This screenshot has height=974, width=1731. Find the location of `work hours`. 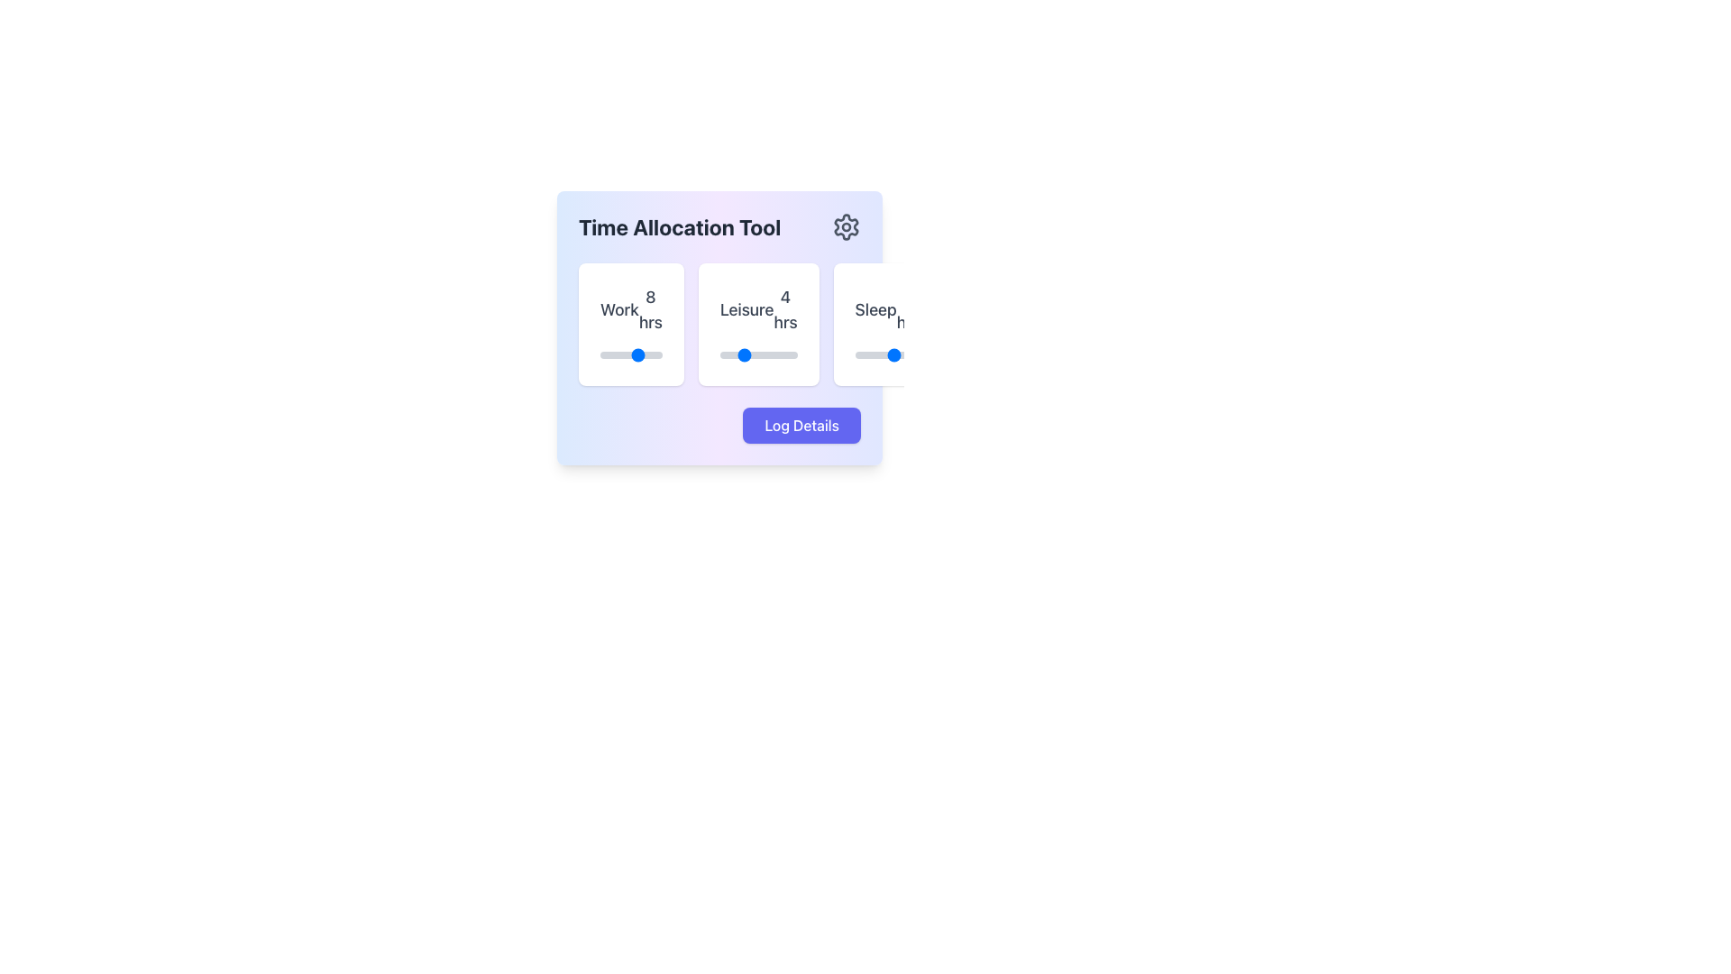

work hours is located at coordinates (650, 354).